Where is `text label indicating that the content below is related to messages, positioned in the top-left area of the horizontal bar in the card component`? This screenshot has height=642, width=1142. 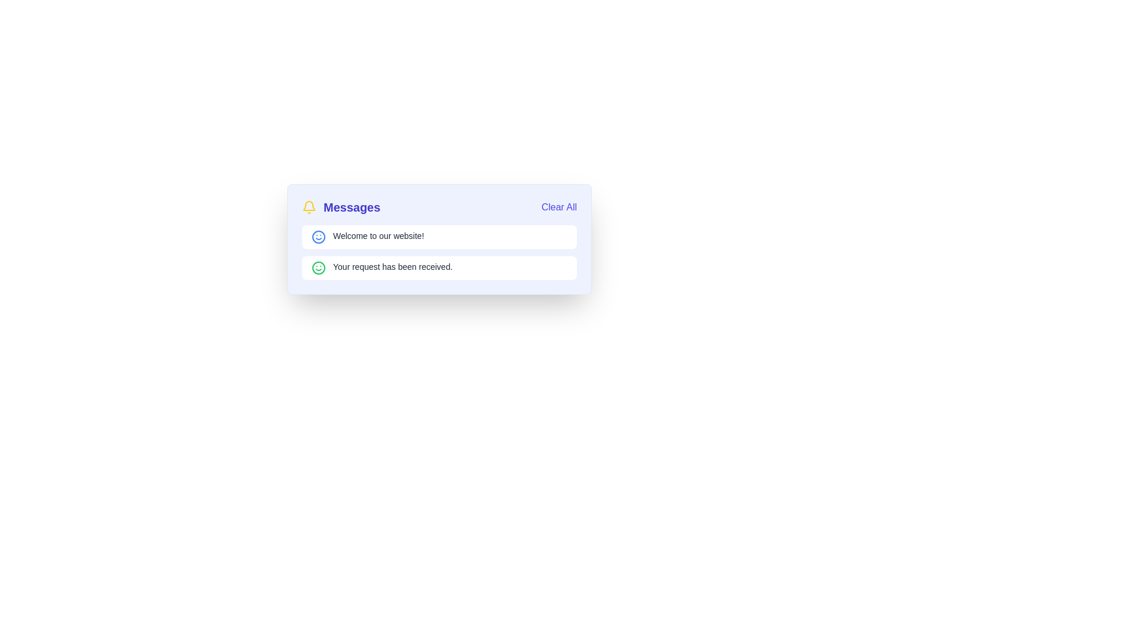
text label indicating that the content below is related to messages, positioned in the top-left area of the horizontal bar in the card component is located at coordinates (340, 206).